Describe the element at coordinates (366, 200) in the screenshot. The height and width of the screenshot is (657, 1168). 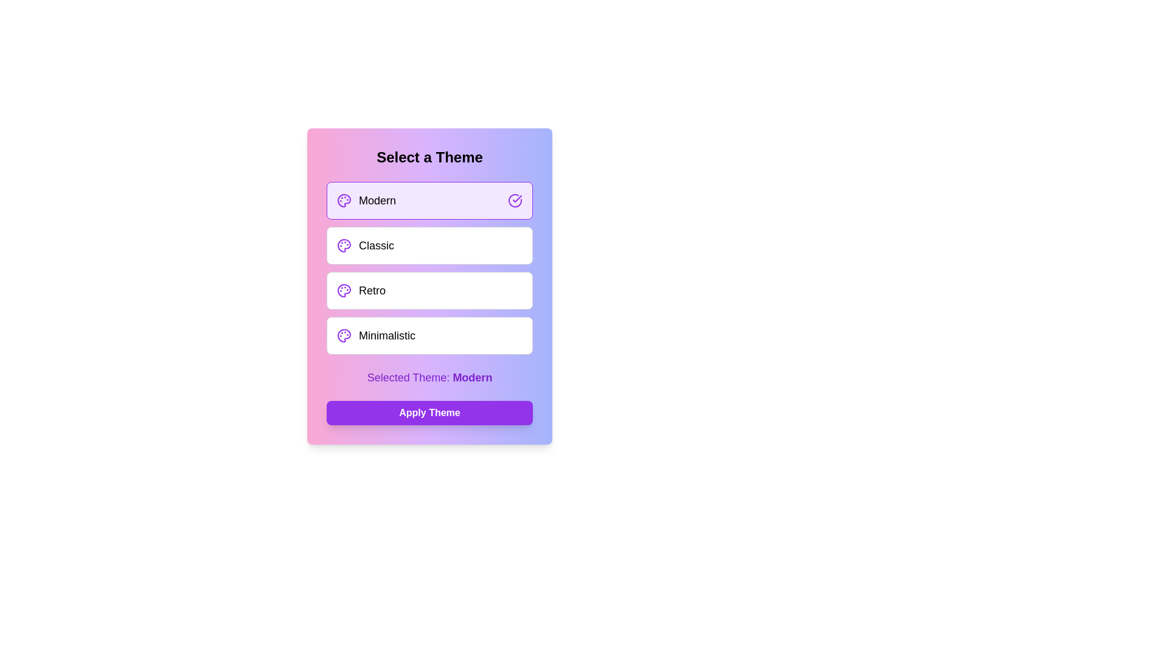
I see `the first selectable option for the 'Modern' theme in the list` at that location.